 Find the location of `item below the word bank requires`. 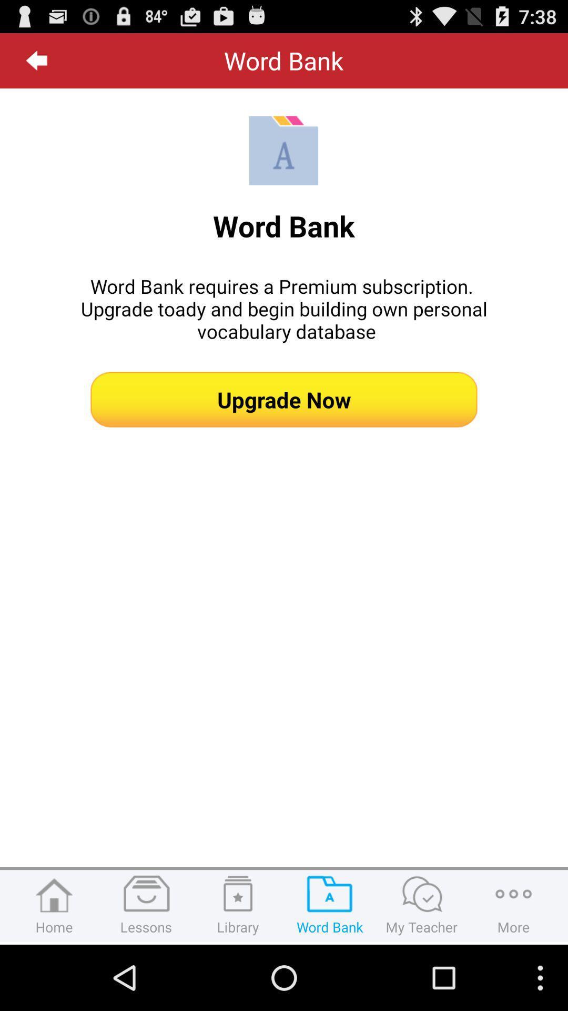

item below the word bank requires is located at coordinates (284, 399).